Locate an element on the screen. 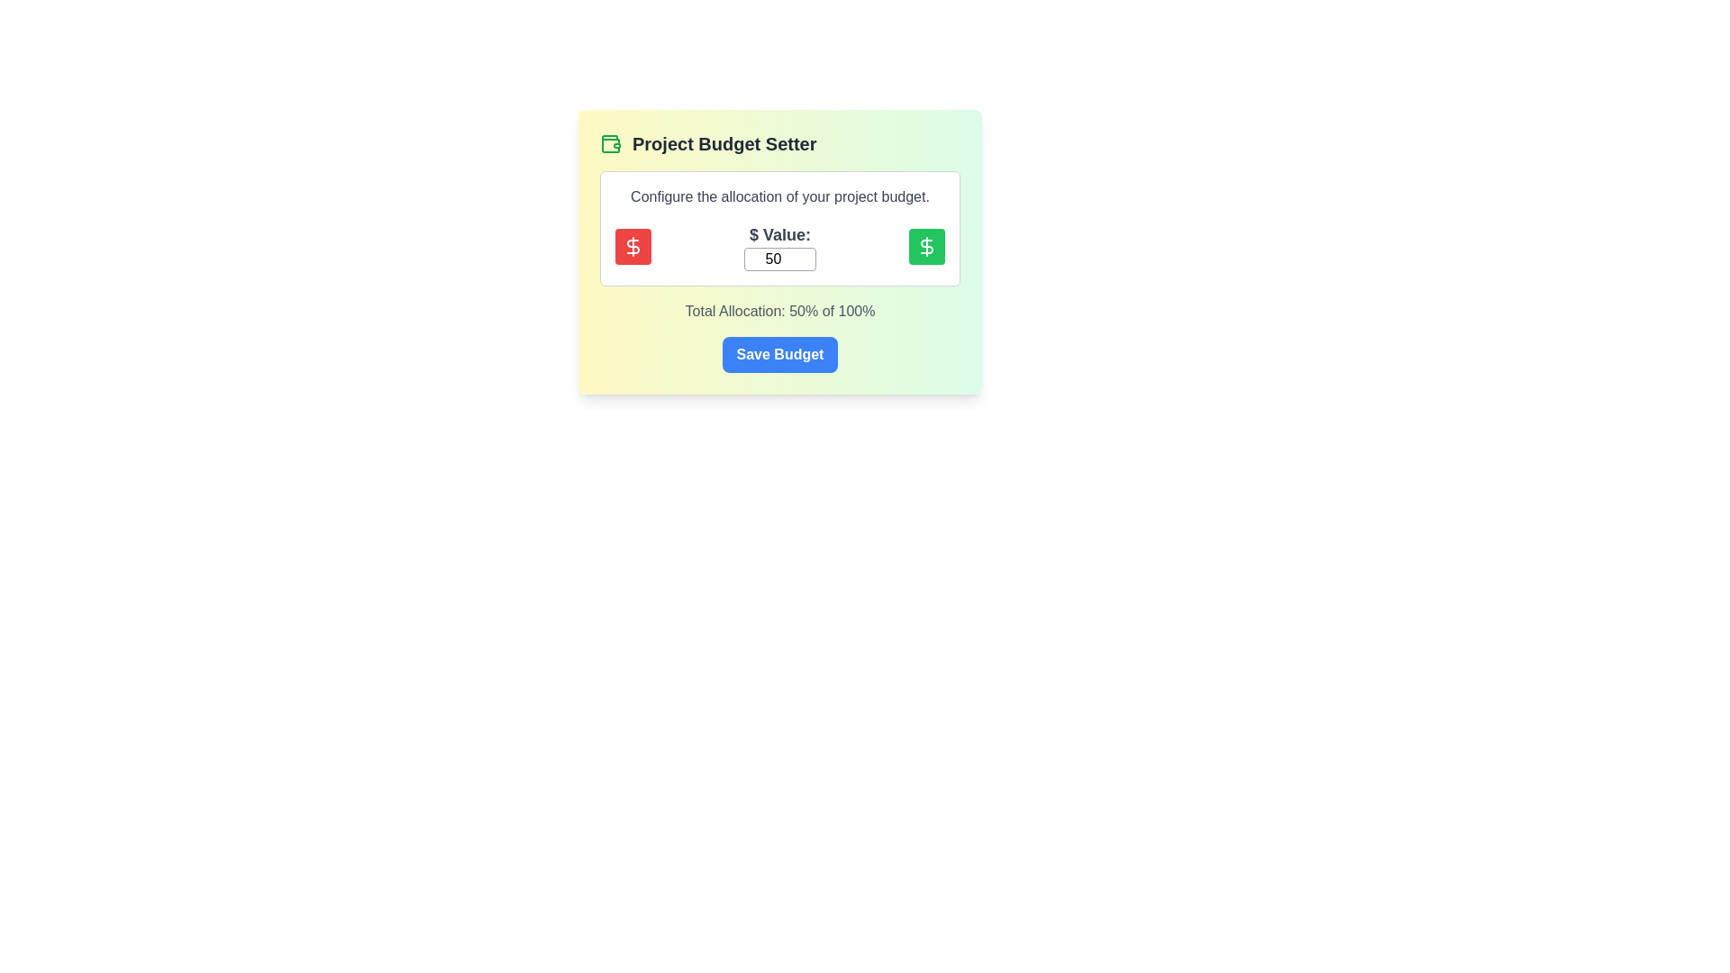 The width and height of the screenshot is (1730, 973). the green square button with rounded corners and a white dollar sign icon is located at coordinates (926, 246).